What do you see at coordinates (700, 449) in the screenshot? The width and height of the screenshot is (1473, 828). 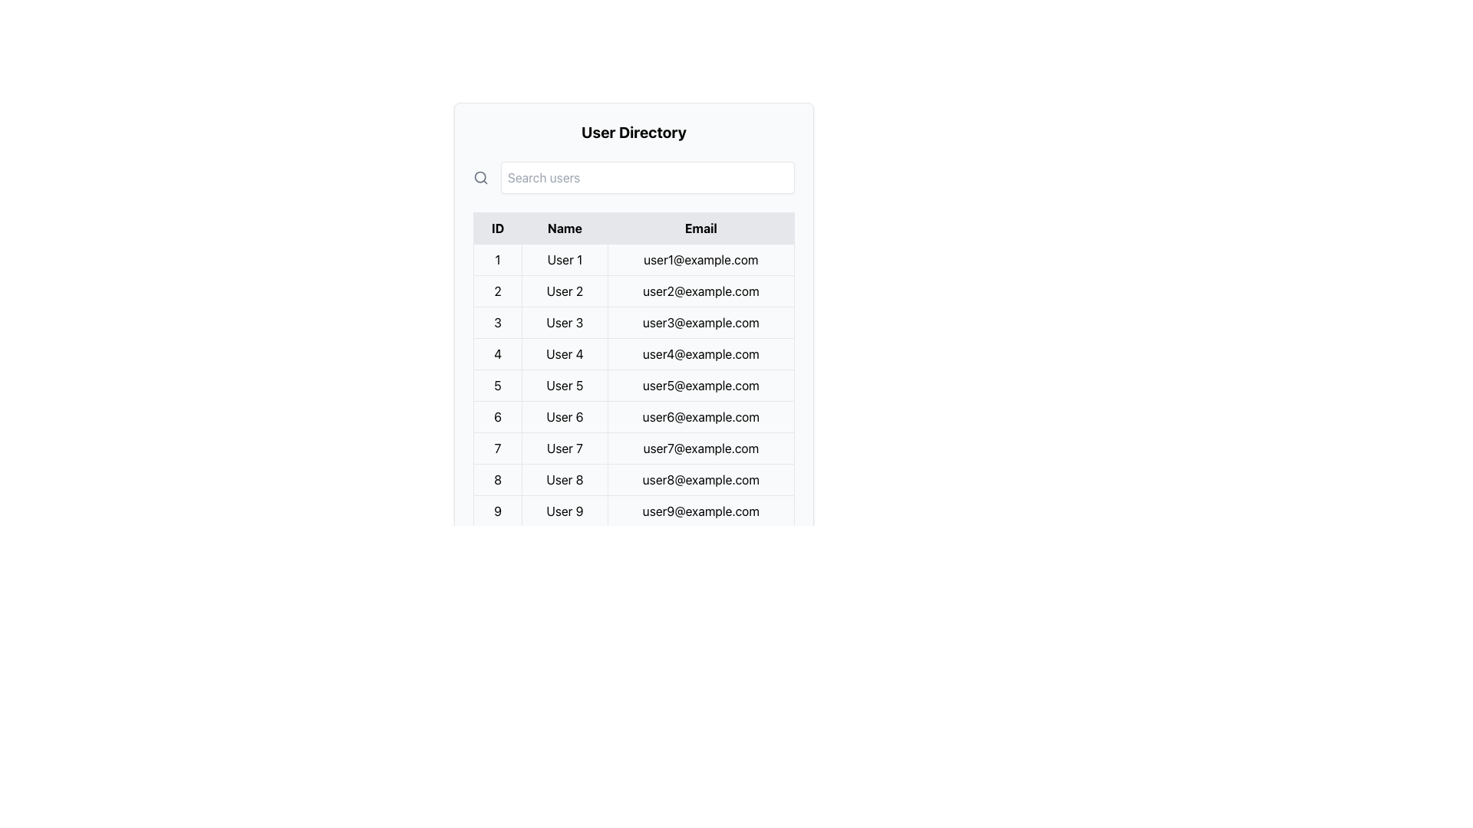 I see `the text field displaying the email address 'user7@example.com', which is styled with padding and a border, located in the 'Email' column of the seventh row of the table` at bounding box center [700, 449].